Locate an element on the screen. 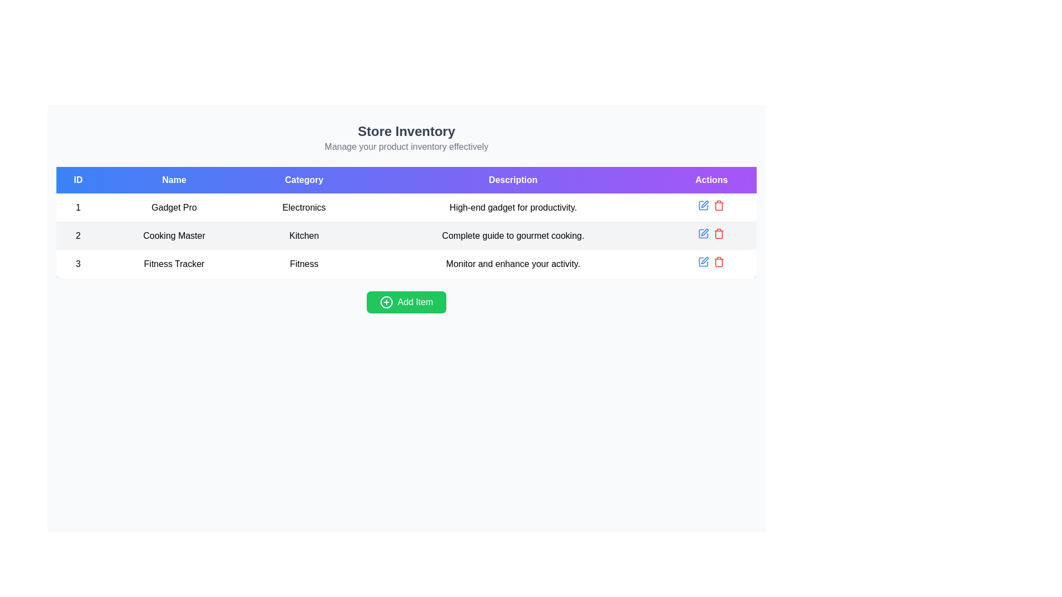 This screenshot has width=1062, height=597. 'Electronics' category text label located in the 'Category' column of the first row in the table, which is positioned immediately to the right of the 'Gadget Pro' name column is located at coordinates (304, 207).